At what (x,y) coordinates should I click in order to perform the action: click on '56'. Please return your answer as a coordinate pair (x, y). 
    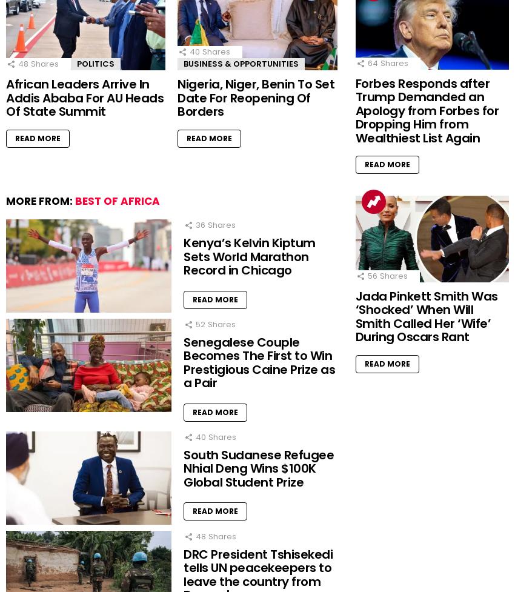
    Looking at the image, I should click on (371, 275).